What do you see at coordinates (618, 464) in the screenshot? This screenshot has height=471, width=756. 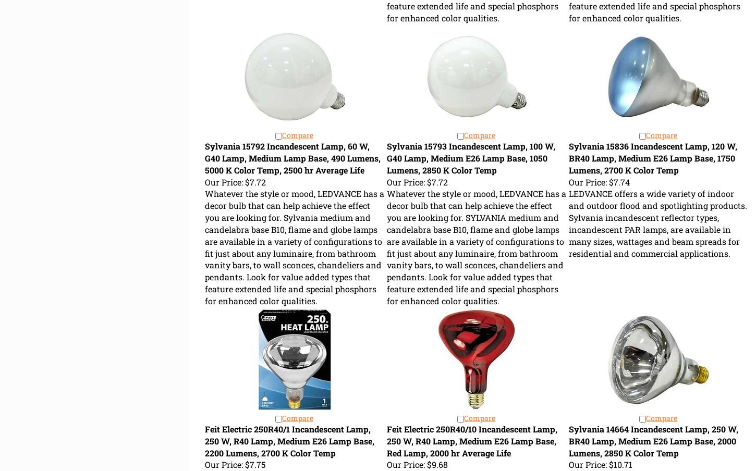 I see `'$10.71'` at bounding box center [618, 464].